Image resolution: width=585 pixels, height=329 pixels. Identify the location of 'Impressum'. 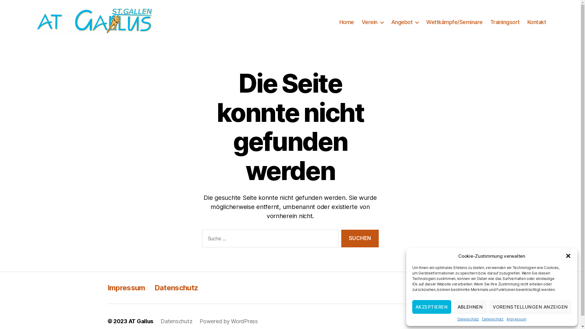
(516, 319).